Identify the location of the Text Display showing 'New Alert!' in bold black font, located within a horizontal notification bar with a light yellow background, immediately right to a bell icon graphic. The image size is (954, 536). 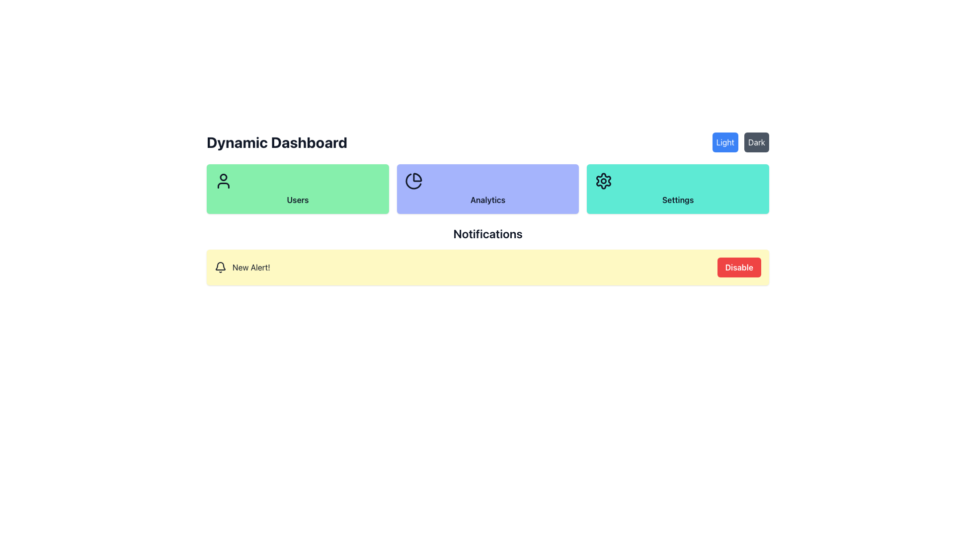
(251, 267).